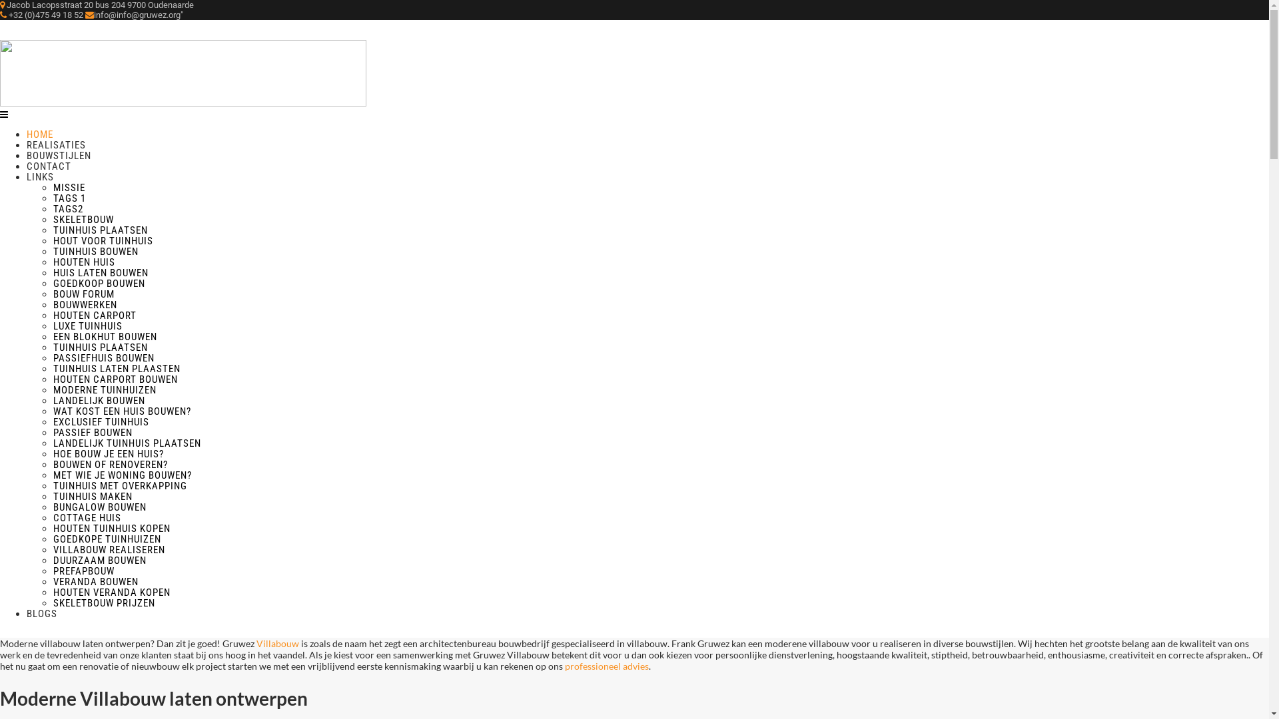 Image resolution: width=1279 pixels, height=719 pixels. What do you see at coordinates (53, 603) in the screenshot?
I see `'SKELETBOUW PRIJZEN'` at bounding box center [53, 603].